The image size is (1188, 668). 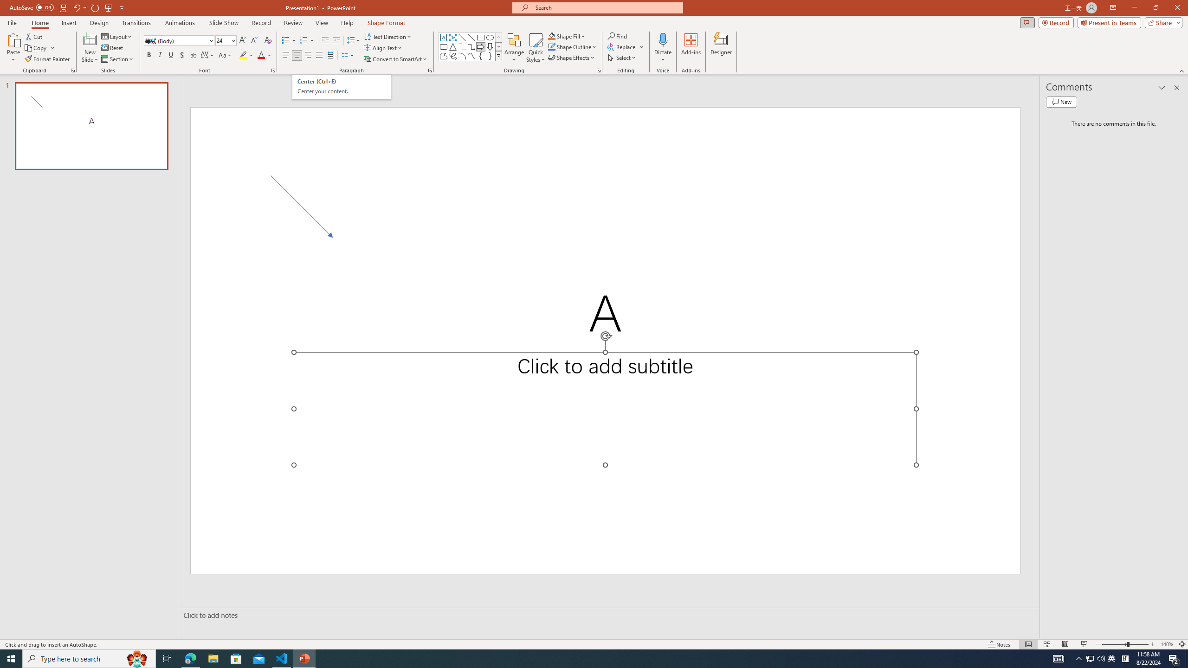 What do you see at coordinates (1167, 644) in the screenshot?
I see `'Zoom 140%'` at bounding box center [1167, 644].